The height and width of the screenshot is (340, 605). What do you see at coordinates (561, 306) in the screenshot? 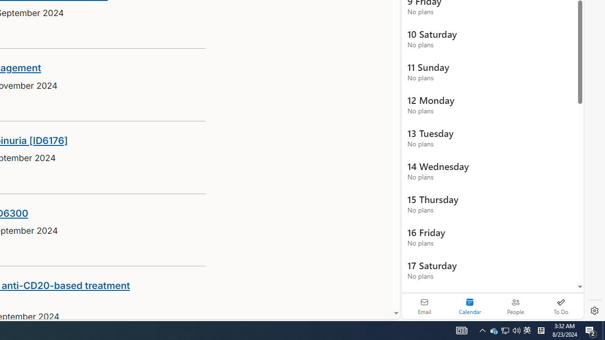
I see `'To Do'` at bounding box center [561, 306].